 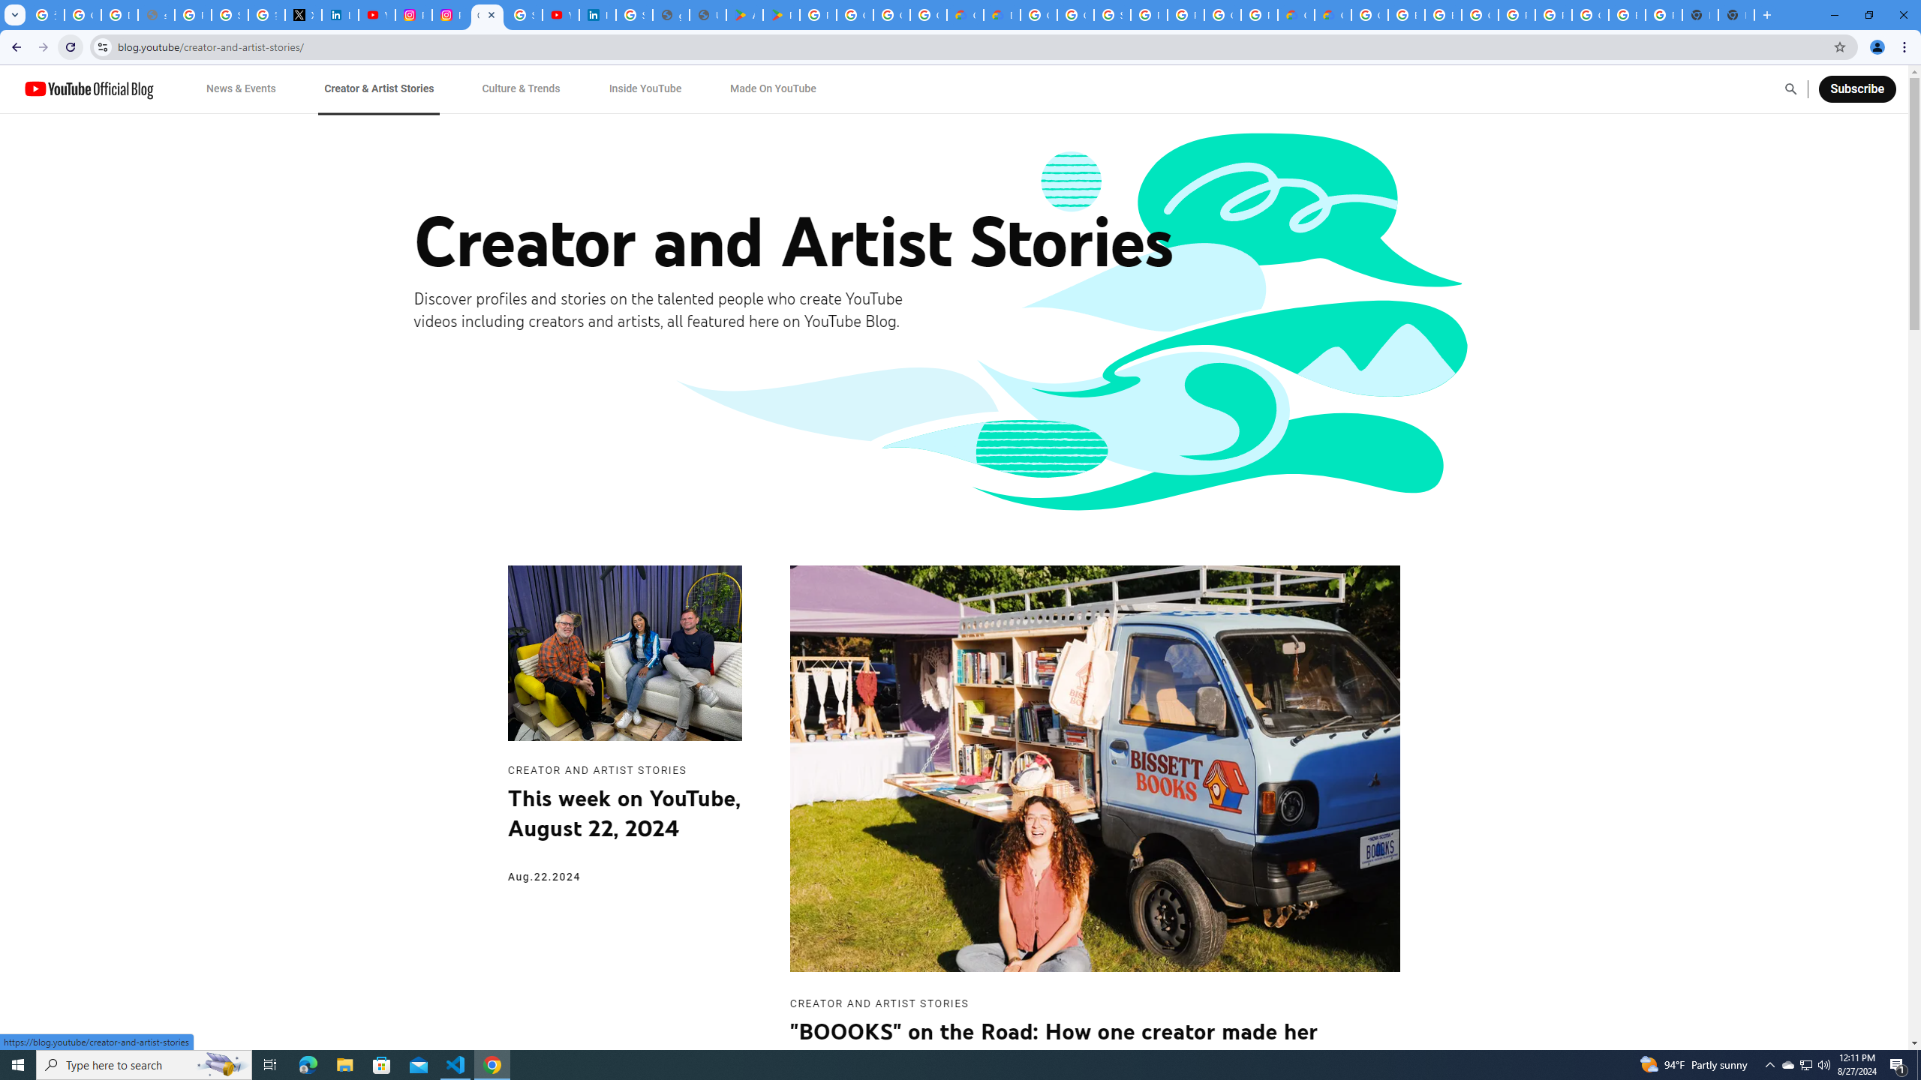 What do you see at coordinates (1590, 14) in the screenshot?
I see `'Google Cloud Platform'` at bounding box center [1590, 14].